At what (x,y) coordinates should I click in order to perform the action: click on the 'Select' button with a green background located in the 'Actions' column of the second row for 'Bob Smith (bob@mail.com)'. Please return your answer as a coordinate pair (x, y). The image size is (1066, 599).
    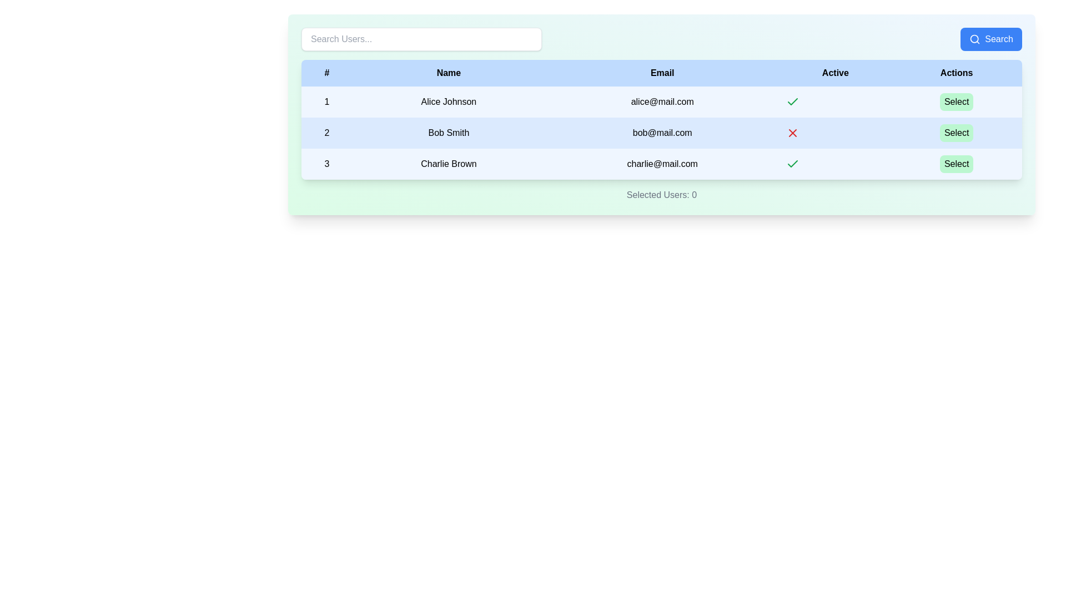
    Looking at the image, I should click on (956, 132).